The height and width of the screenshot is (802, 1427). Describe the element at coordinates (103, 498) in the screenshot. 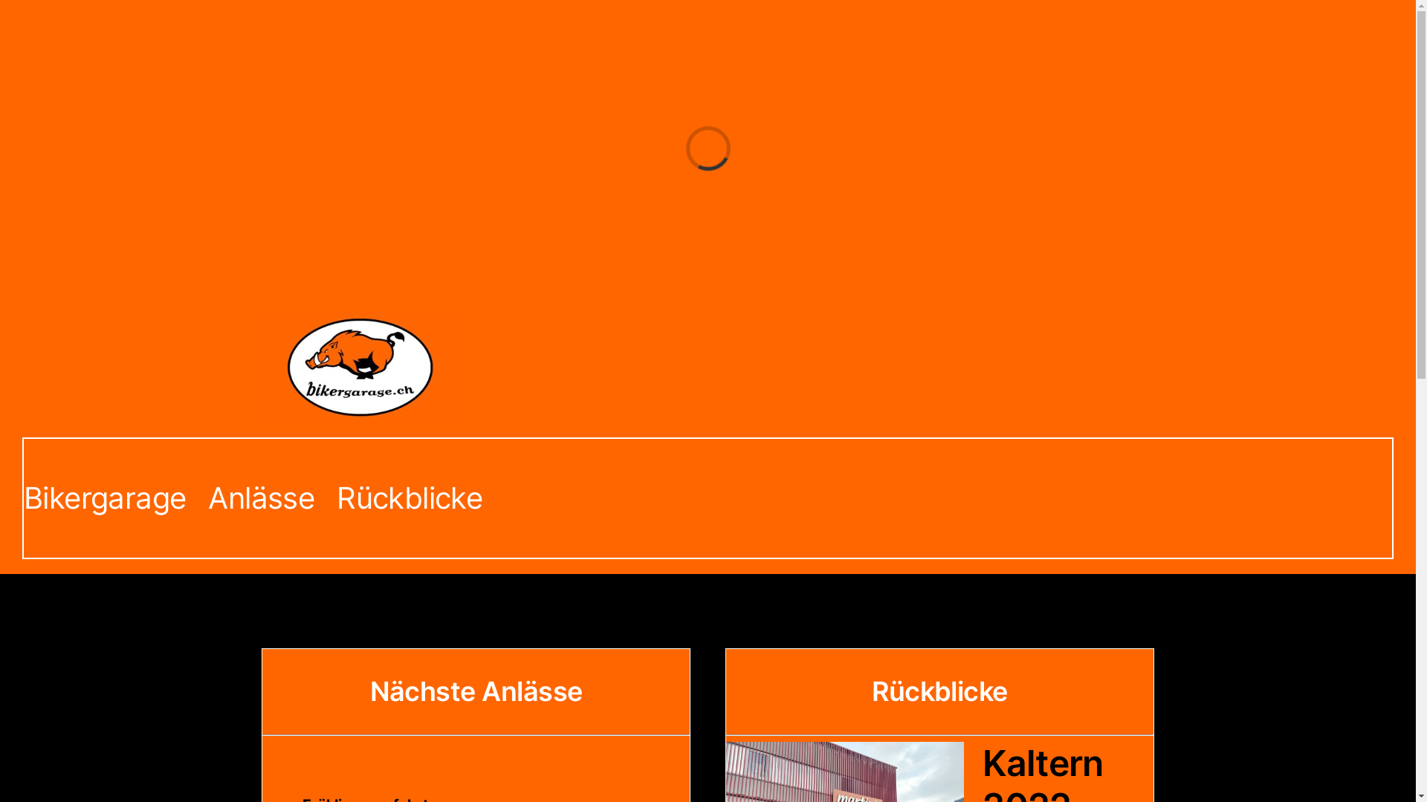

I see `'Bikergarage'` at that location.